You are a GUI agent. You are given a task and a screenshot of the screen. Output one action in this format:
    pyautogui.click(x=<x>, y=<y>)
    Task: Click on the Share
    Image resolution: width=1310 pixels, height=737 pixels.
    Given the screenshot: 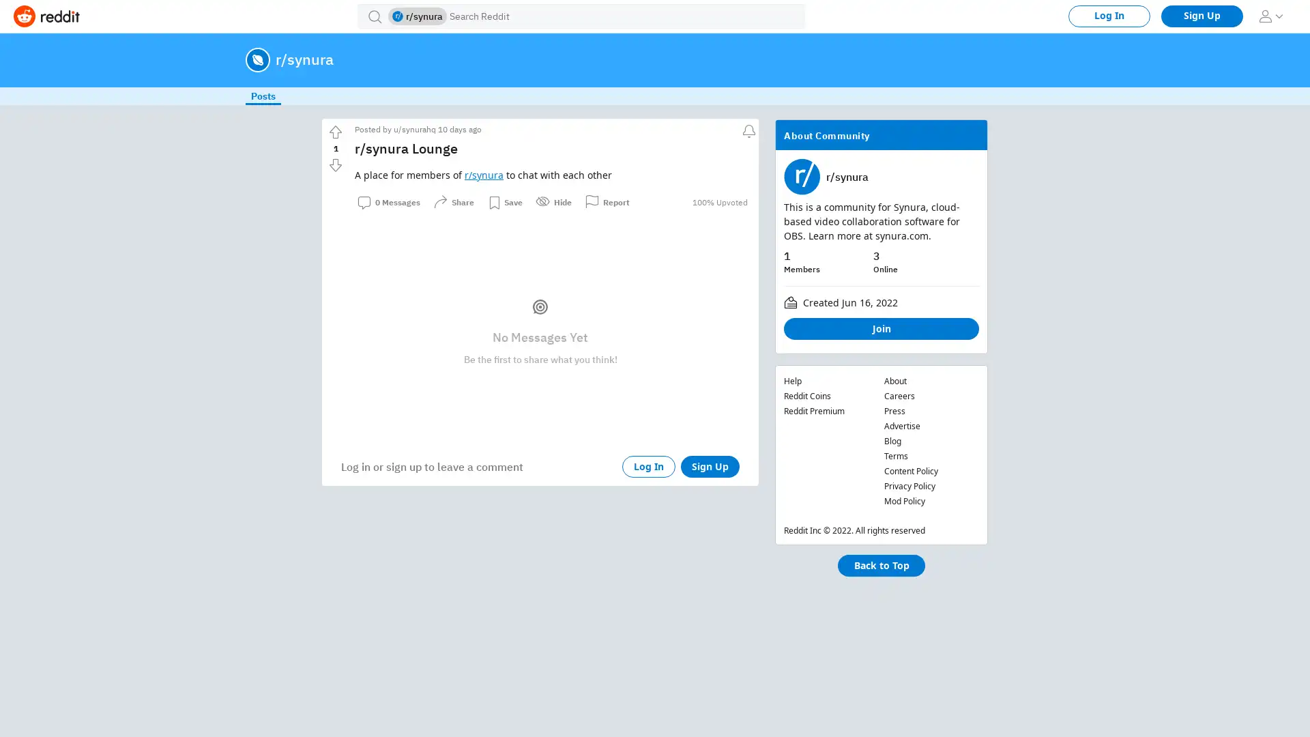 What is the action you would take?
    pyautogui.click(x=454, y=202)
    